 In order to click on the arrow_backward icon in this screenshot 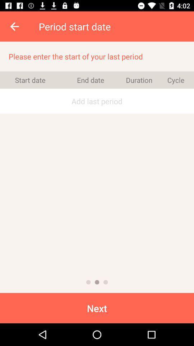, I will do `click(15, 26)`.